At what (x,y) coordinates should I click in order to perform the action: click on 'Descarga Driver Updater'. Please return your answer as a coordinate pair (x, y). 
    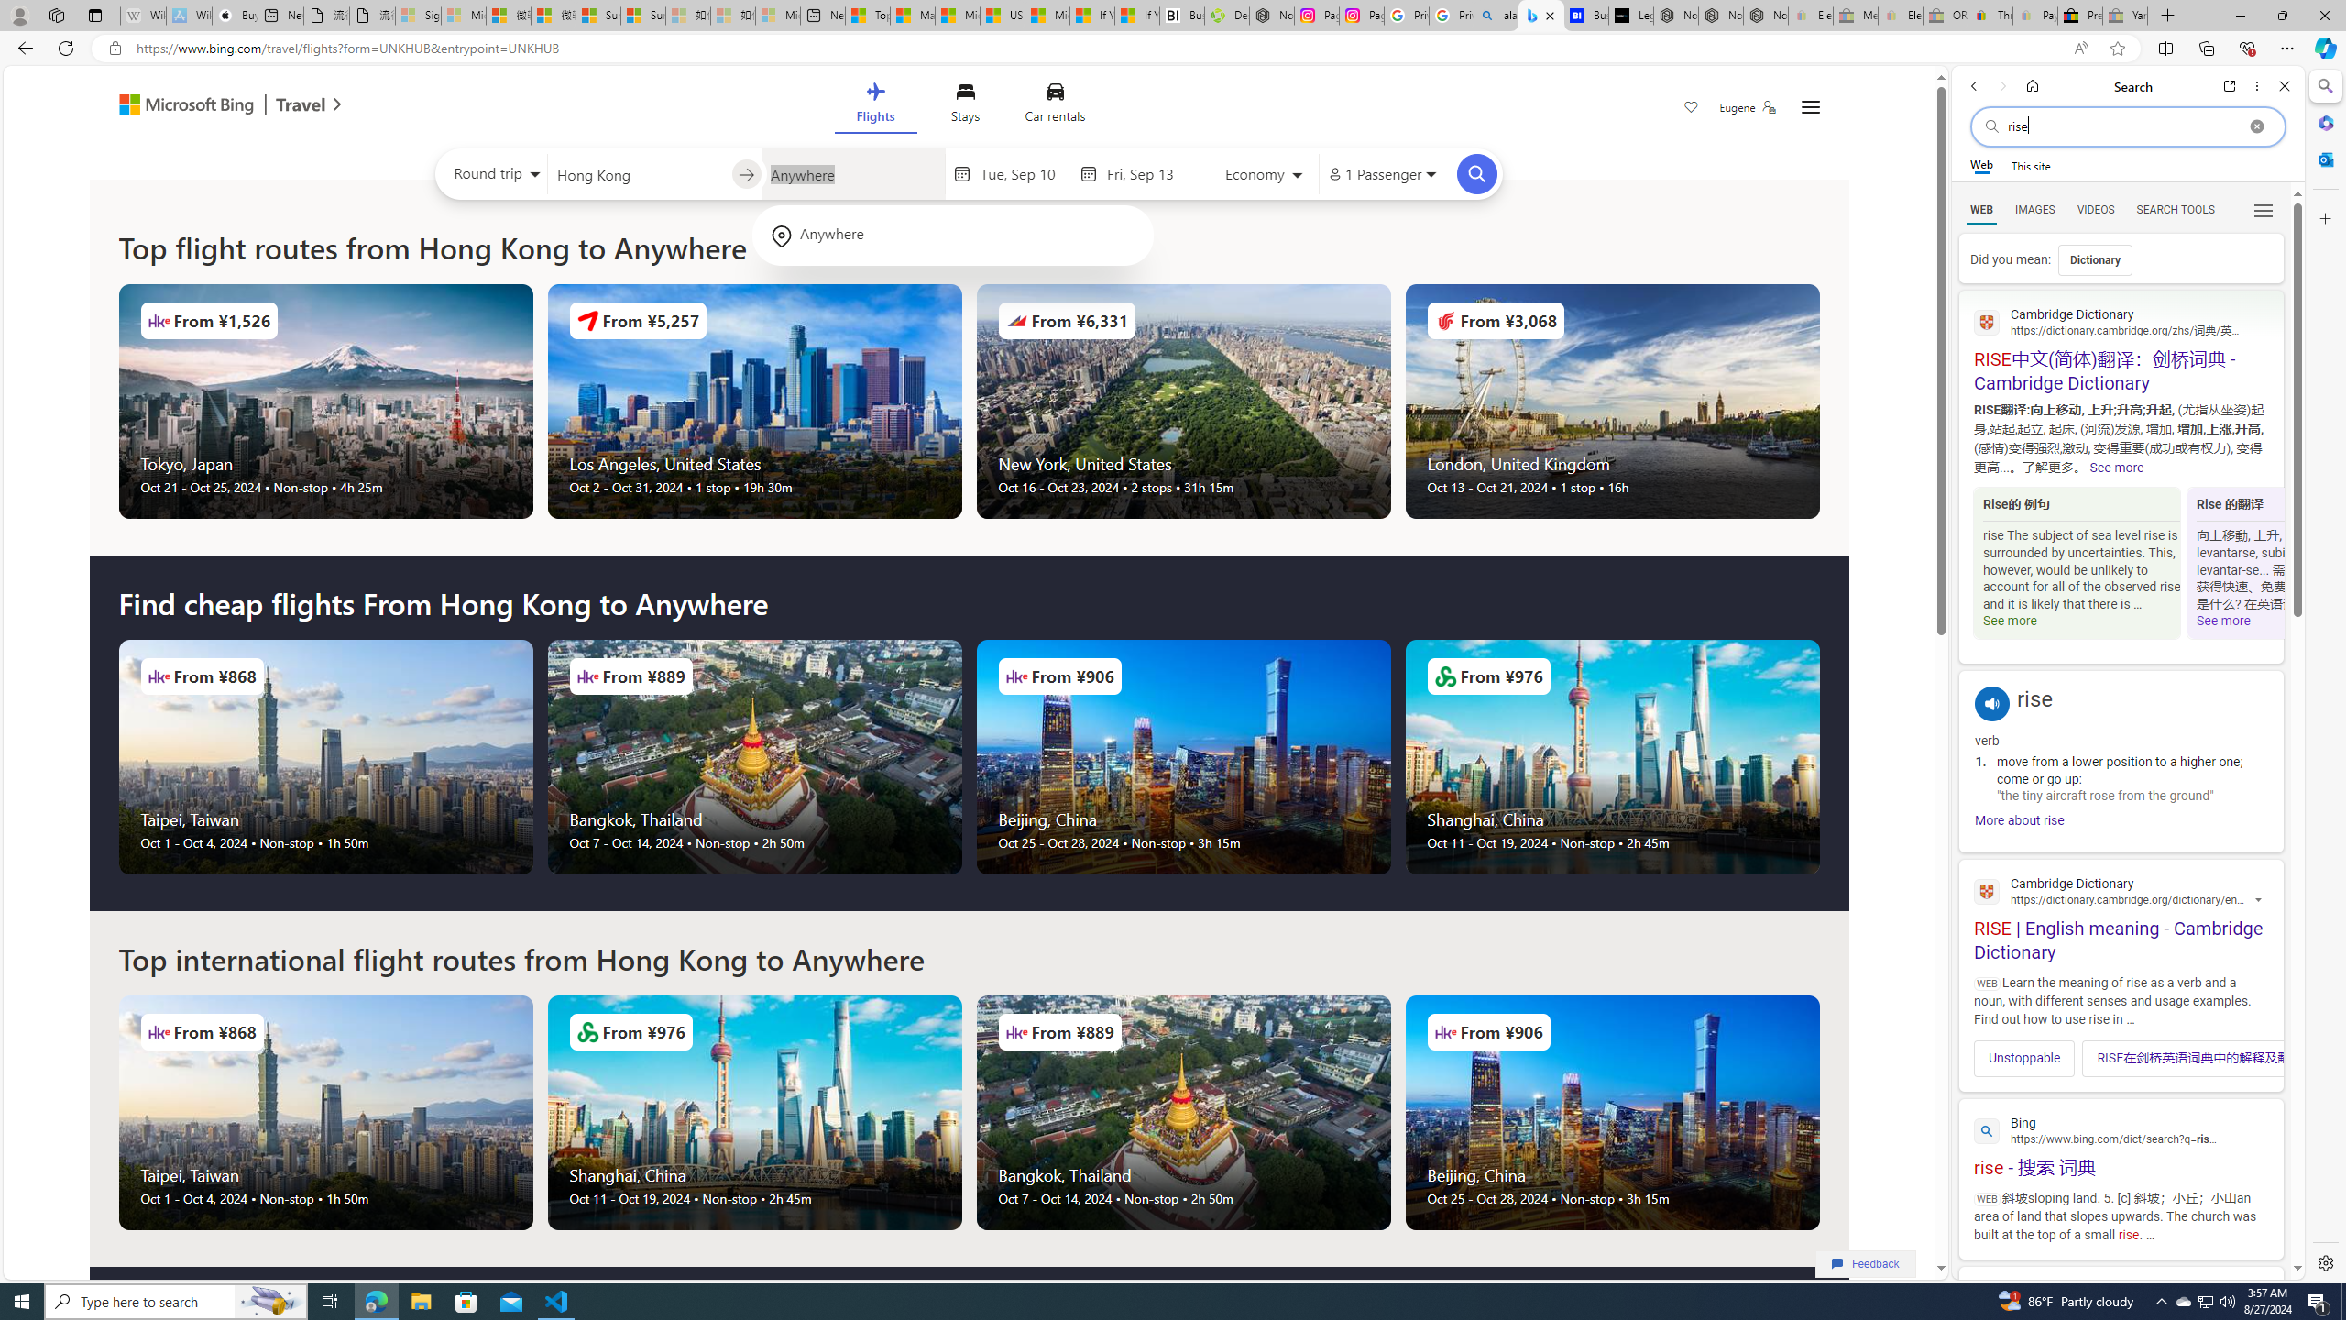
    Looking at the image, I should click on (1225, 15).